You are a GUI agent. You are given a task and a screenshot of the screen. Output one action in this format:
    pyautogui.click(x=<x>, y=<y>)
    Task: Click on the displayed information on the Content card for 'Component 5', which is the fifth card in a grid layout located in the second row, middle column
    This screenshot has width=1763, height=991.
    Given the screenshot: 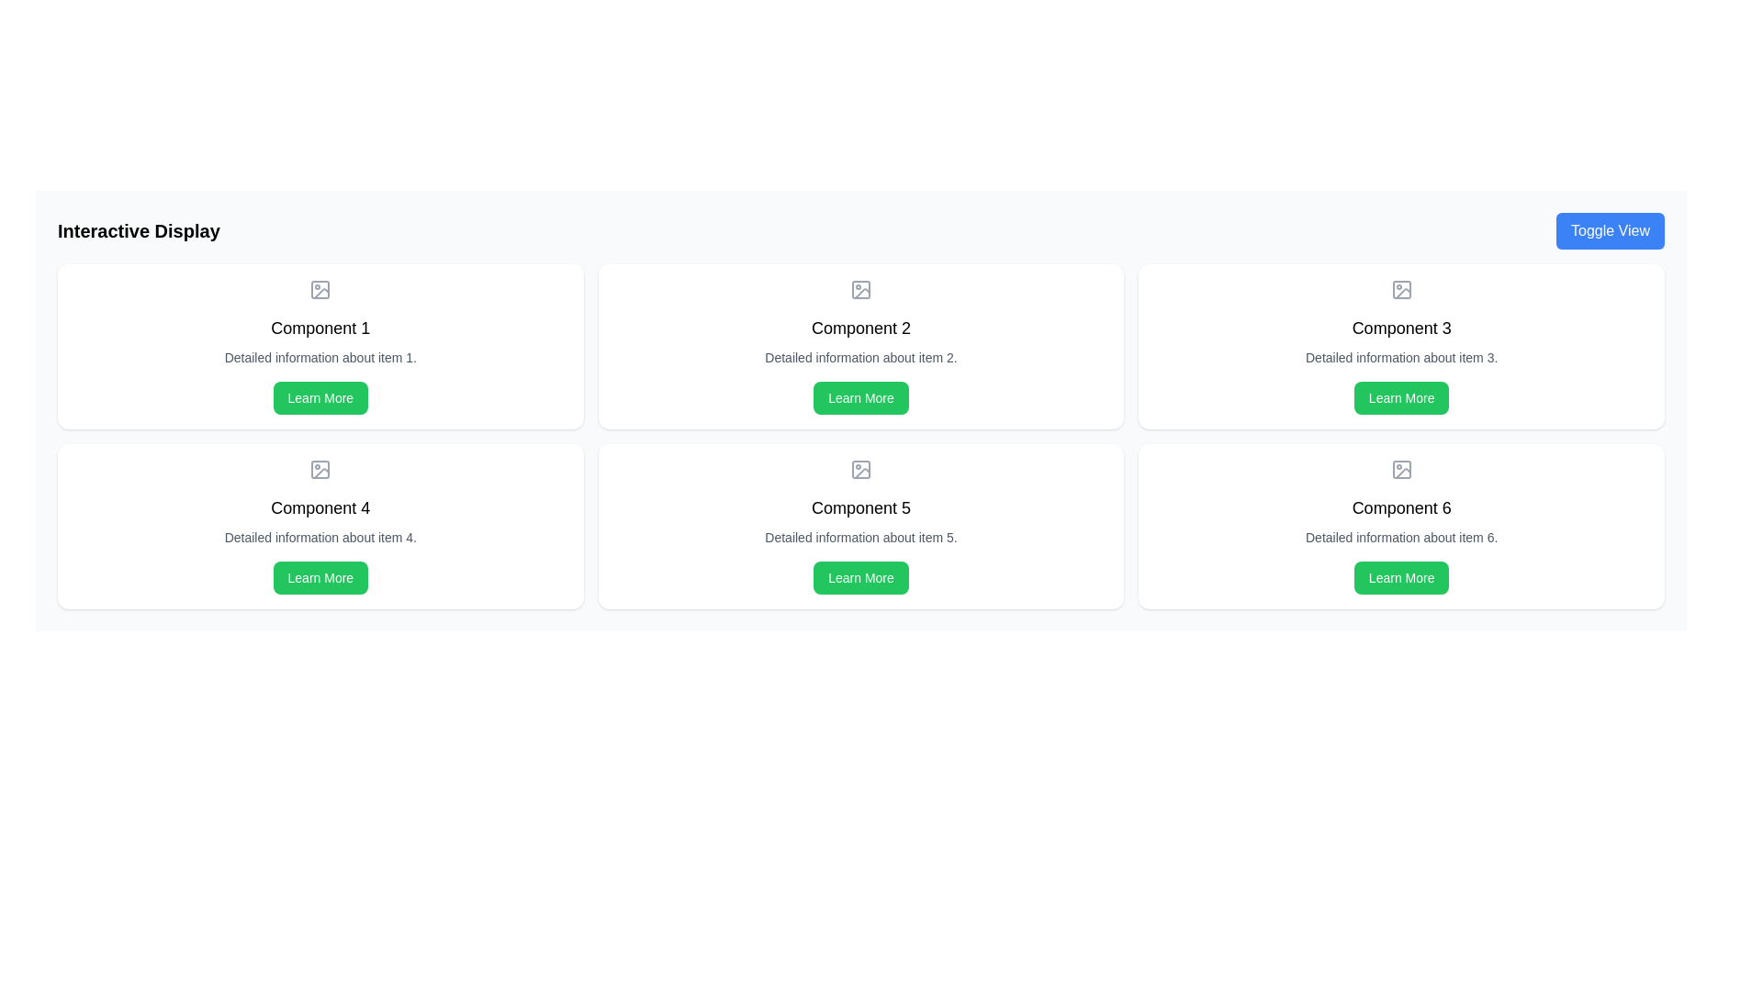 What is the action you would take?
    pyautogui.click(x=859, y=527)
    